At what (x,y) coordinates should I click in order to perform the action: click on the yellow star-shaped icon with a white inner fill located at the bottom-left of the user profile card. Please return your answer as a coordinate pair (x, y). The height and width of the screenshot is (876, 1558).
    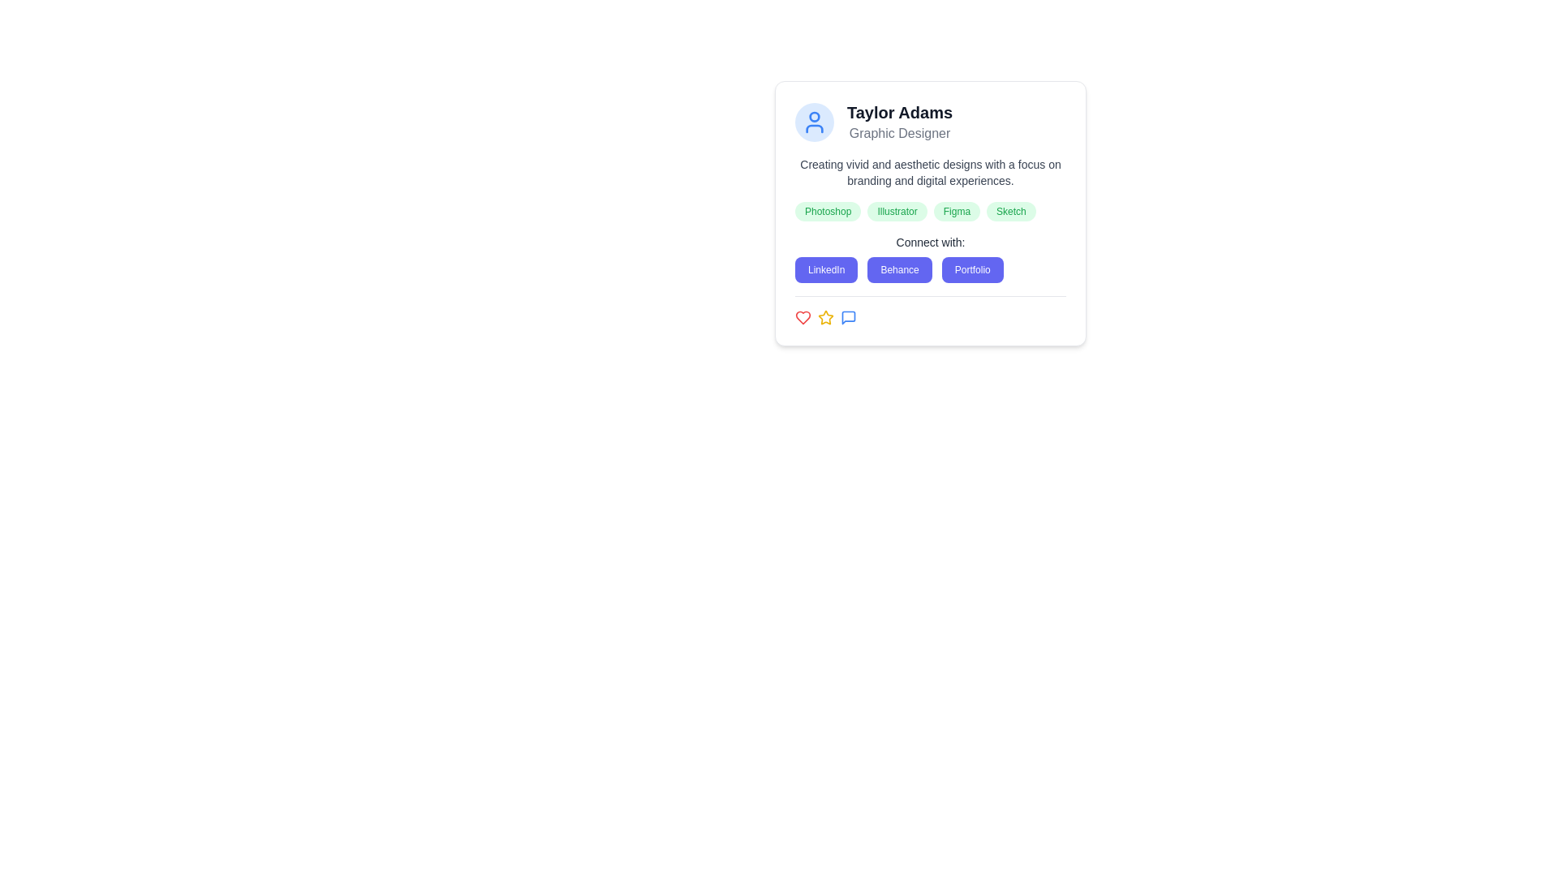
    Looking at the image, I should click on (825, 317).